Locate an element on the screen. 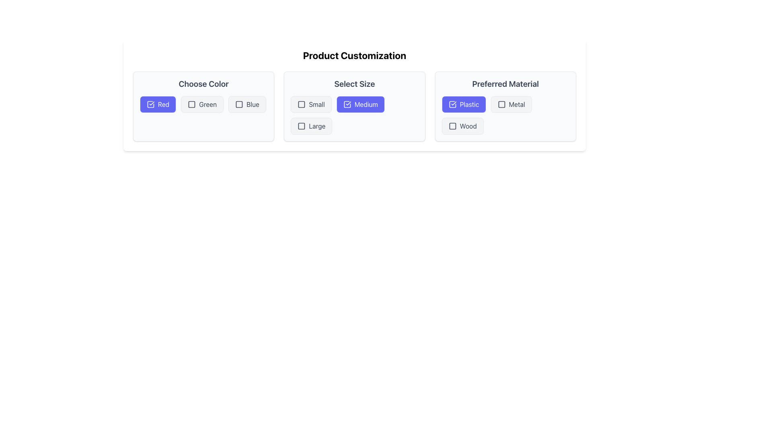 This screenshot has width=772, height=434. the 'Plastic' selectable label, which is styled with white text on a blue background and located within the 'Preferred Material' section of the product customization interface is located at coordinates (469, 104).